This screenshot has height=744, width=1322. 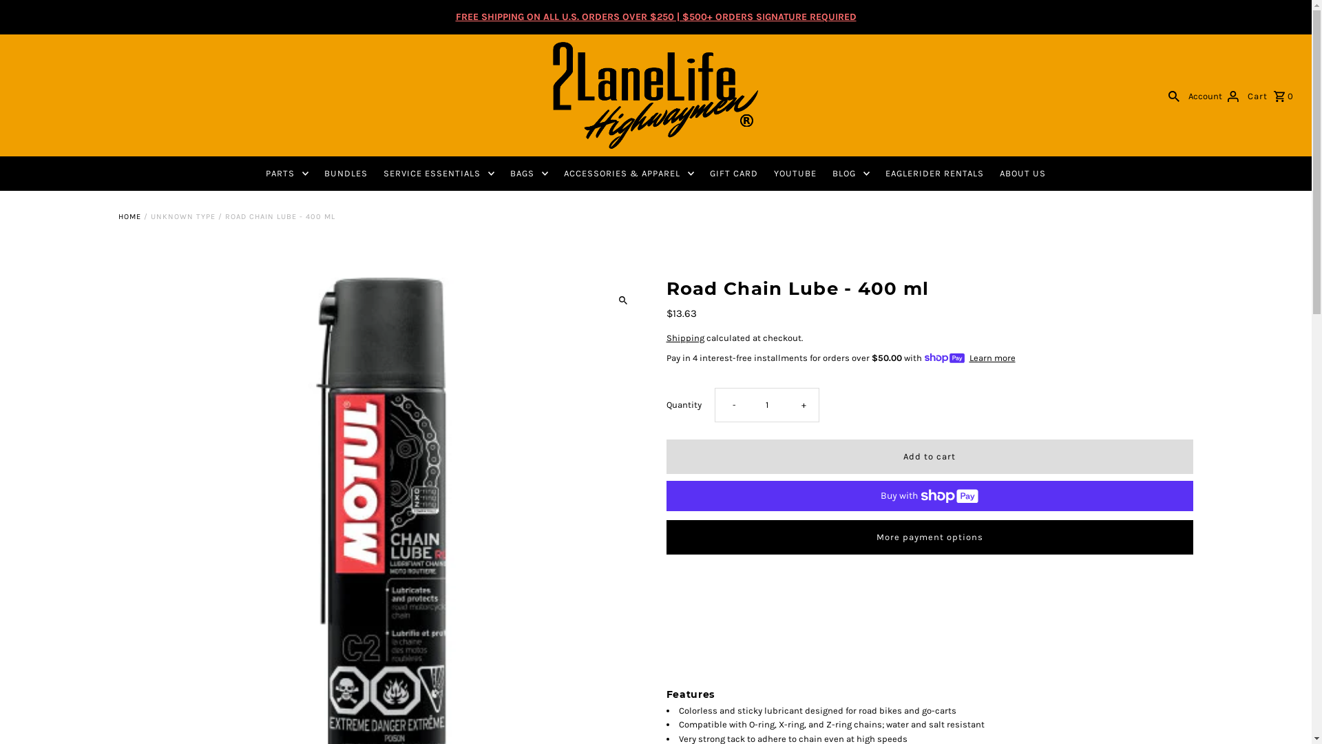 I want to click on 'EAGLERIDER RENTALS', so click(x=934, y=172).